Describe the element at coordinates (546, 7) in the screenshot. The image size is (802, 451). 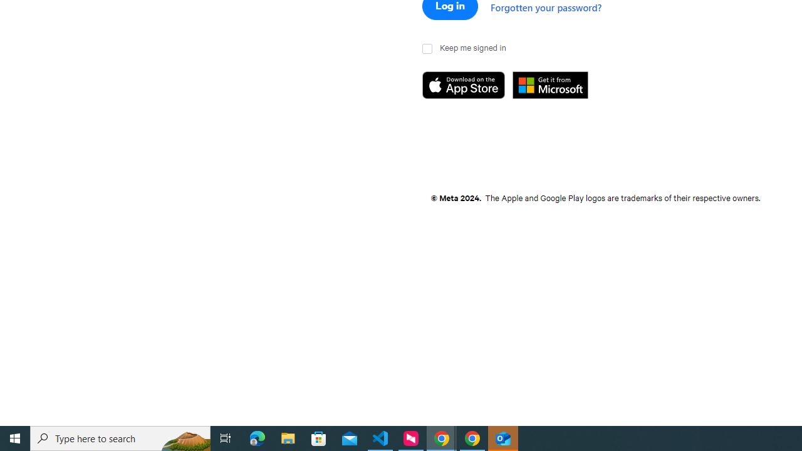
I see `'Forgotten your password?'` at that location.